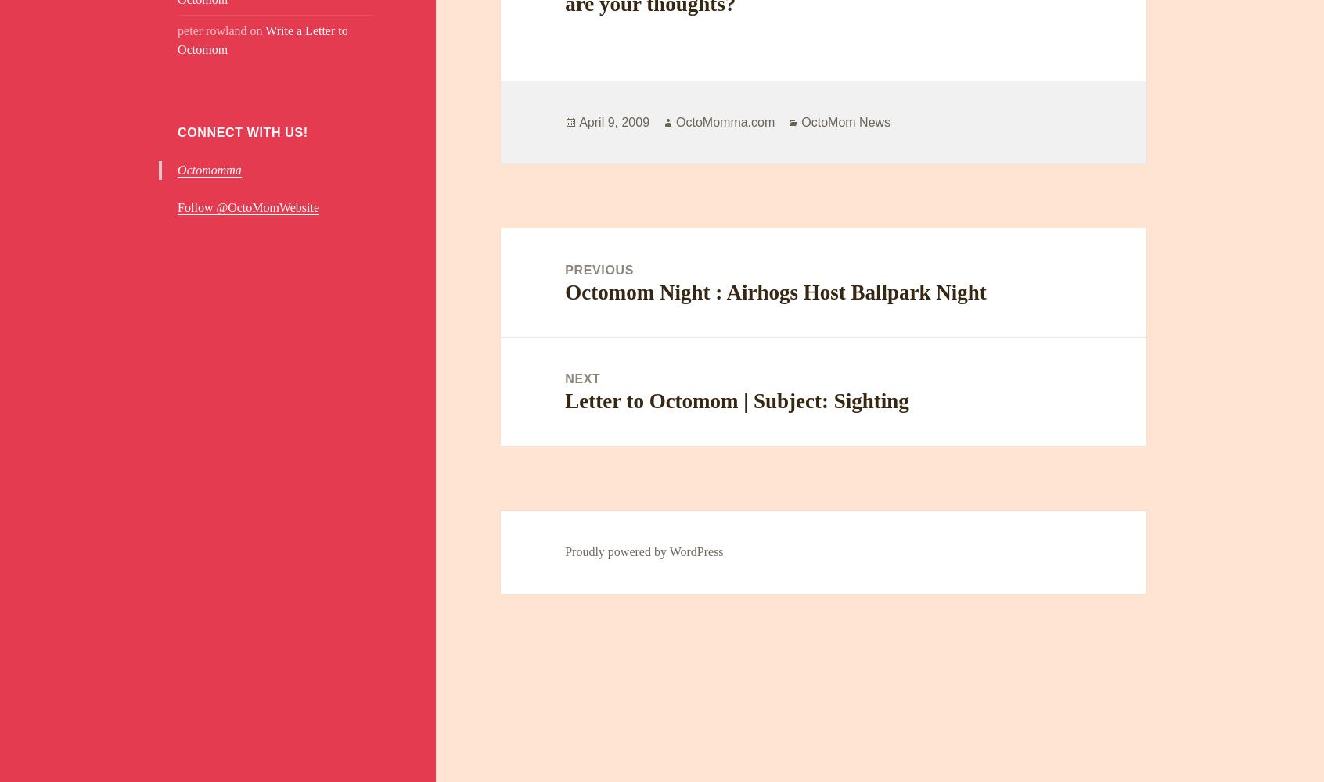 Image resolution: width=1324 pixels, height=782 pixels. What do you see at coordinates (613, 121) in the screenshot?
I see `'April 9, 2009'` at bounding box center [613, 121].